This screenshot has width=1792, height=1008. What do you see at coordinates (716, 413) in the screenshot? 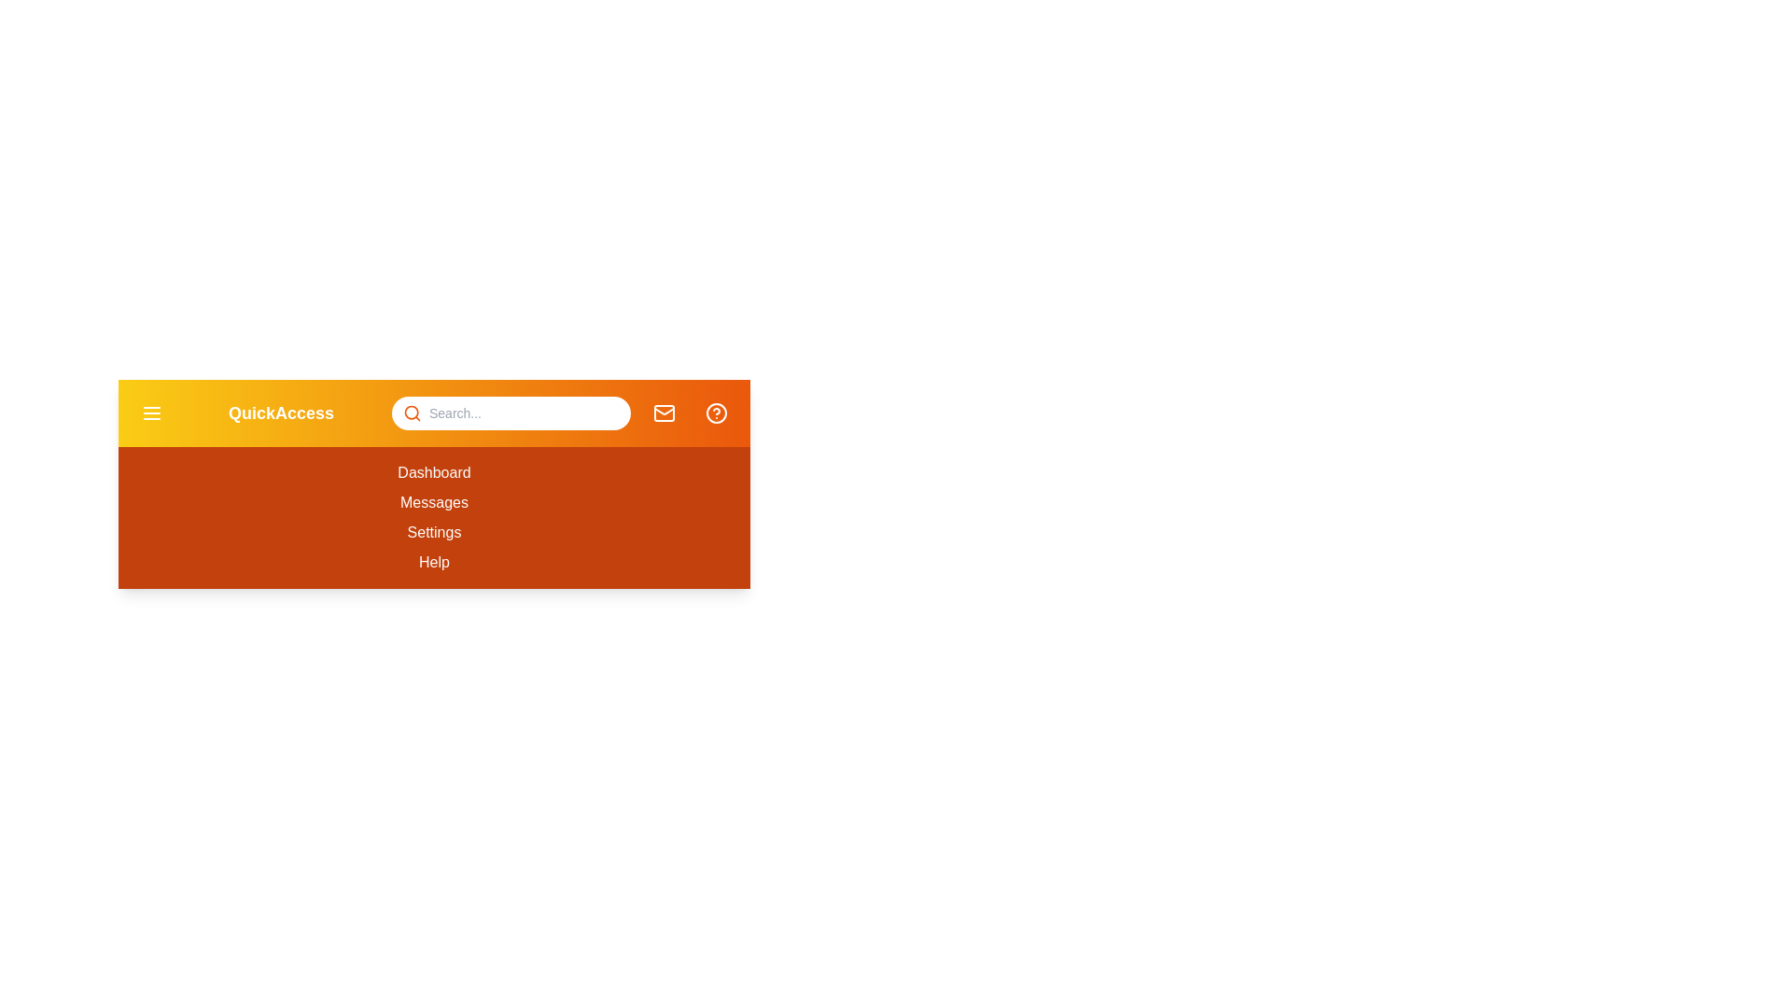
I see `the circular icon with a question mark on an orange background located in the top-right corner of the menu bar` at bounding box center [716, 413].